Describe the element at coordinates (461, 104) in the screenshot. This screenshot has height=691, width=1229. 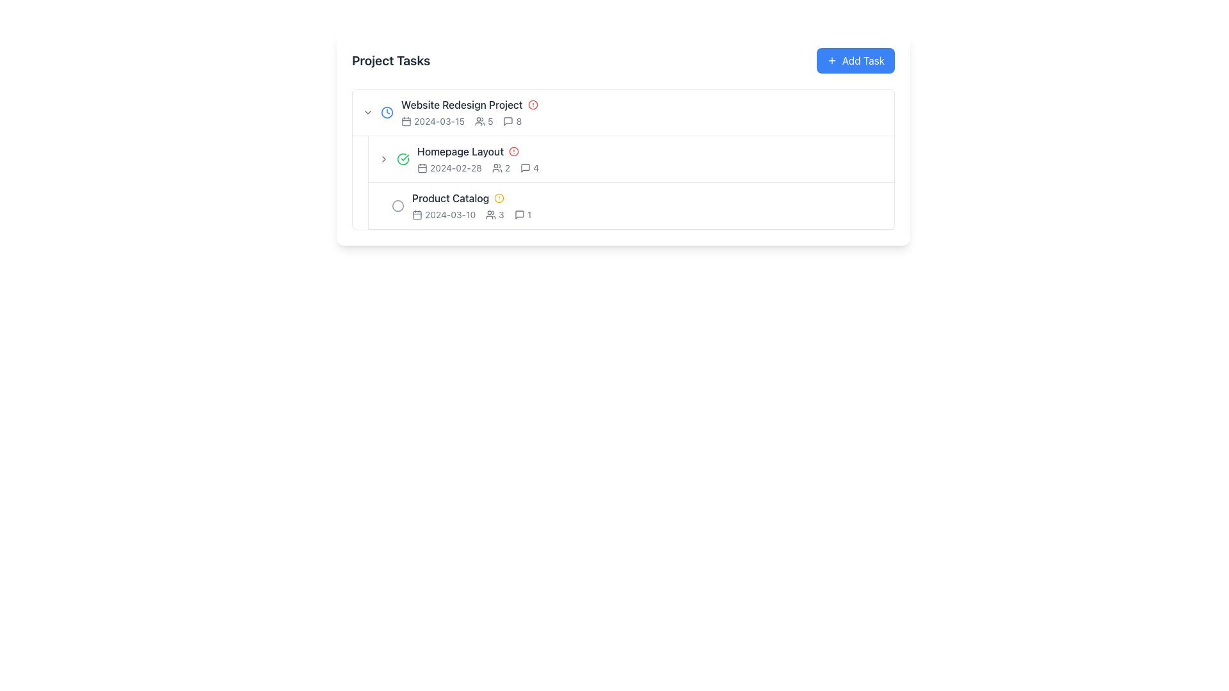
I see `text content of the label representing the first project in the 'Project Tasks' section, located at the top of the list` at that location.